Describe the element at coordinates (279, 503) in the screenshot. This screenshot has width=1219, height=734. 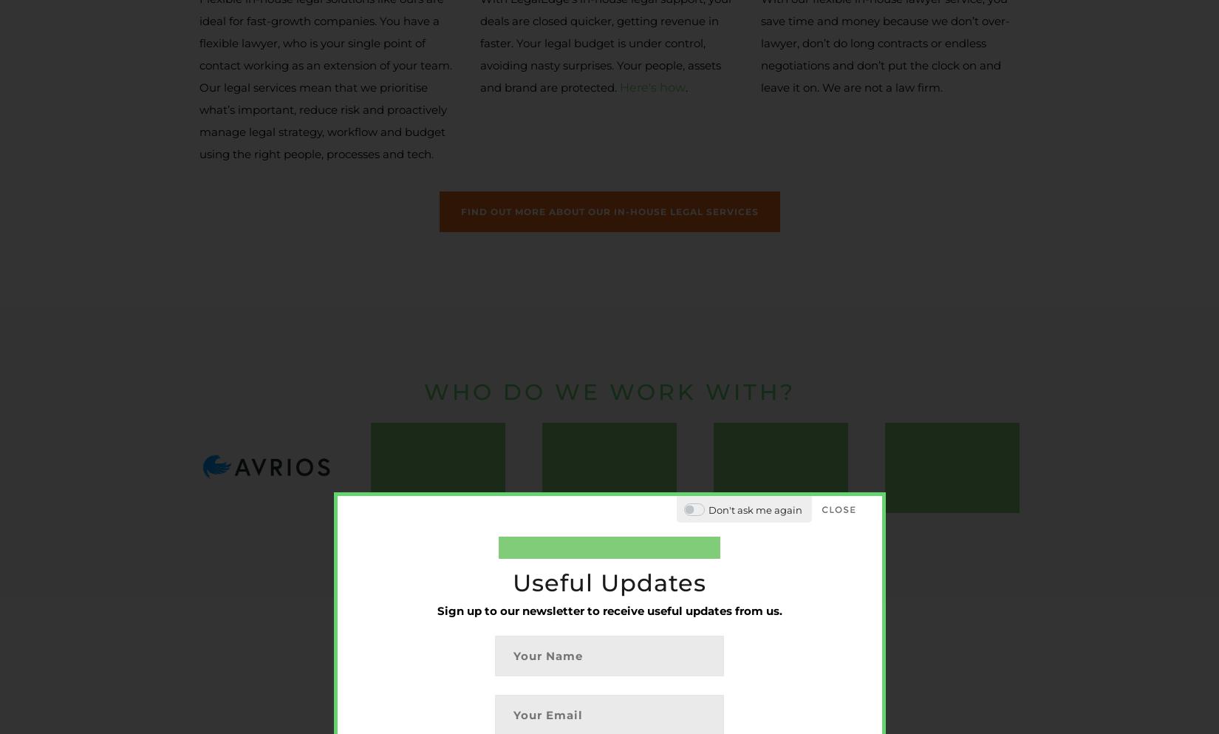
I see `'+44 (0)20 3086 8909'` at that location.